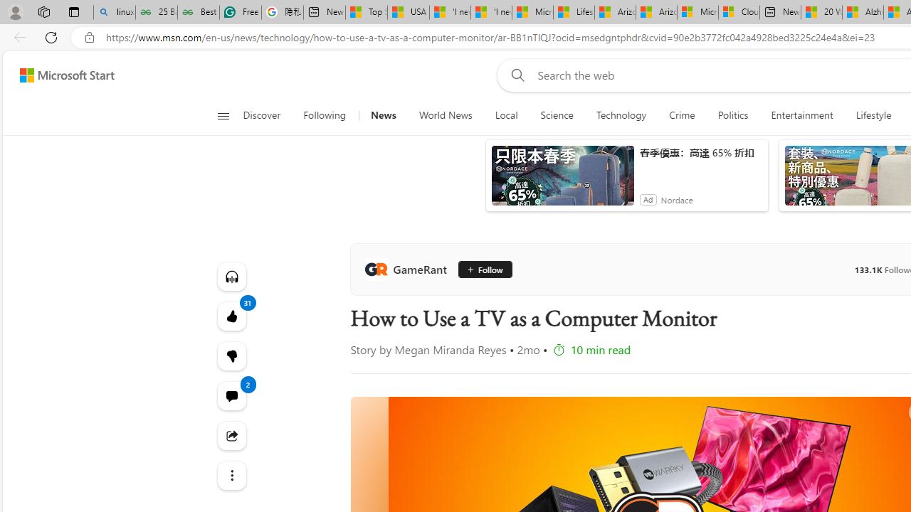  I want to click on 'Open navigation menu', so click(222, 115).